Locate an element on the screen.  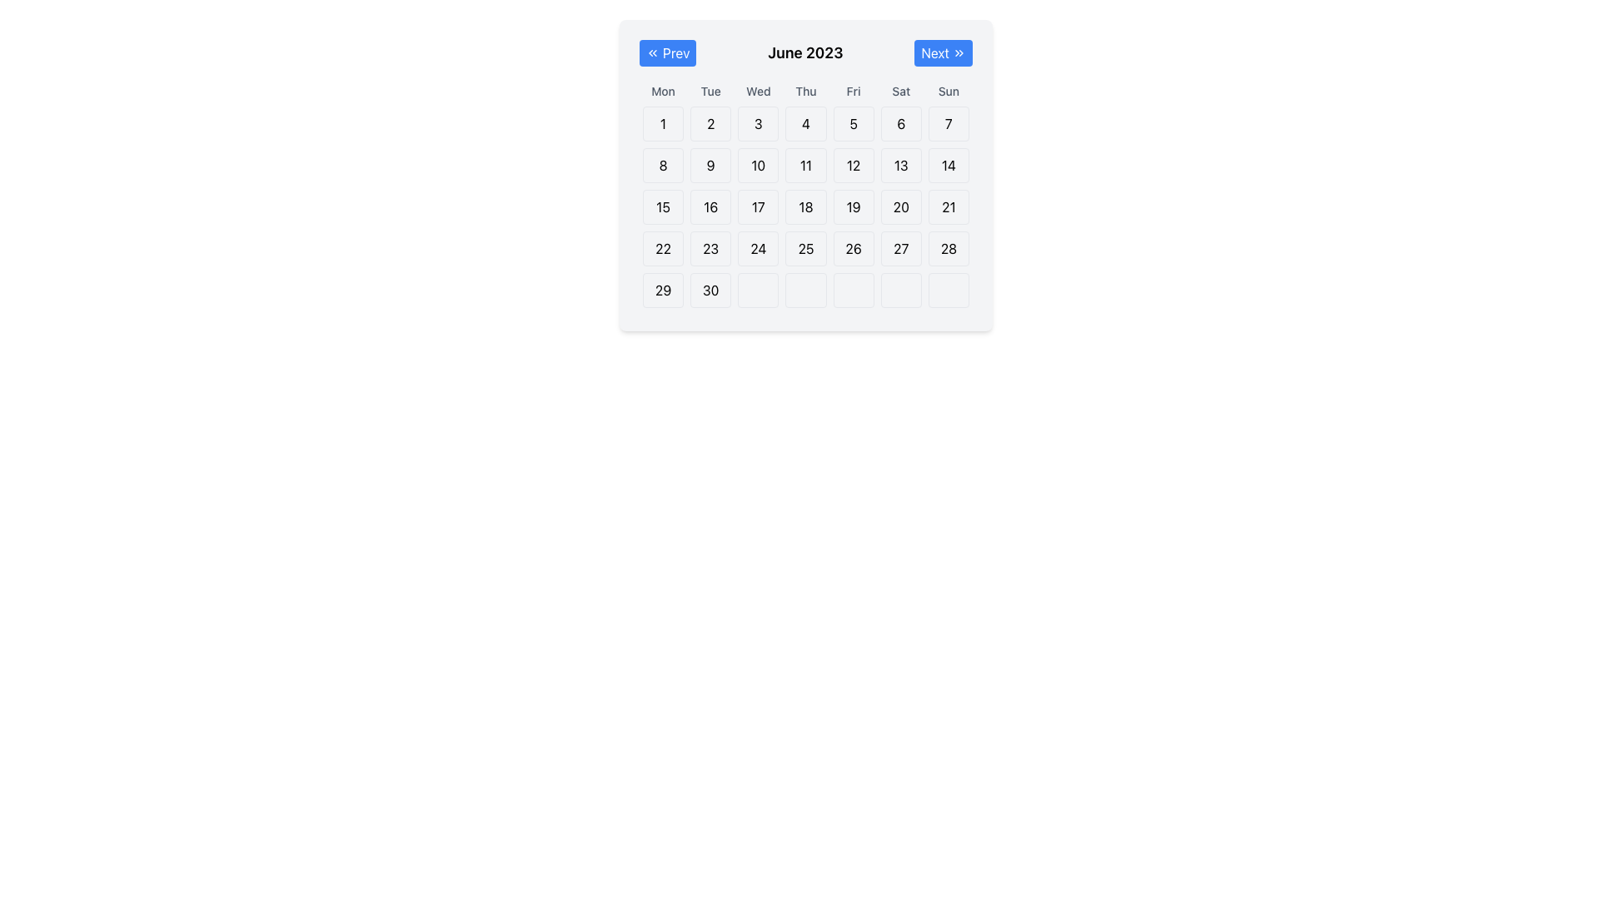
the last button in the last row of the calendar grid is located at coordinates (949, 289).